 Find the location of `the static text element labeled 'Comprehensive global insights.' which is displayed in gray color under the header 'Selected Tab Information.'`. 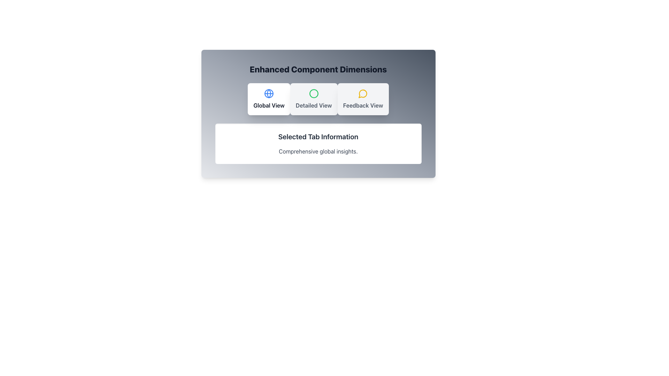

the static text element labeled 'Comprehensive global insights.' which is displayed in gray color under the header 'Selected Tab Information.' is located at coordinates (318, 151).